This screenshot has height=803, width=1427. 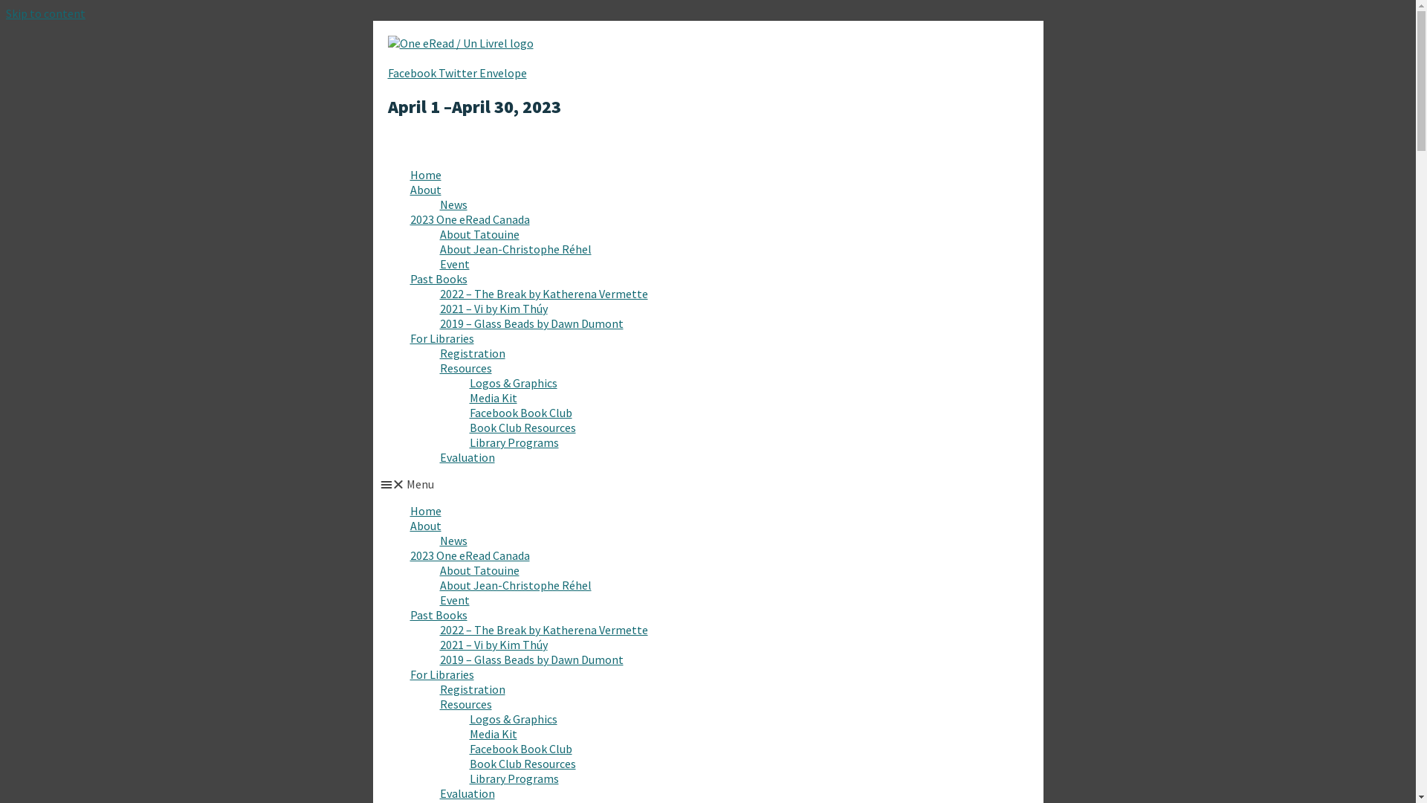 I want to click on 'Media Kit', so click(x=469, y=733).